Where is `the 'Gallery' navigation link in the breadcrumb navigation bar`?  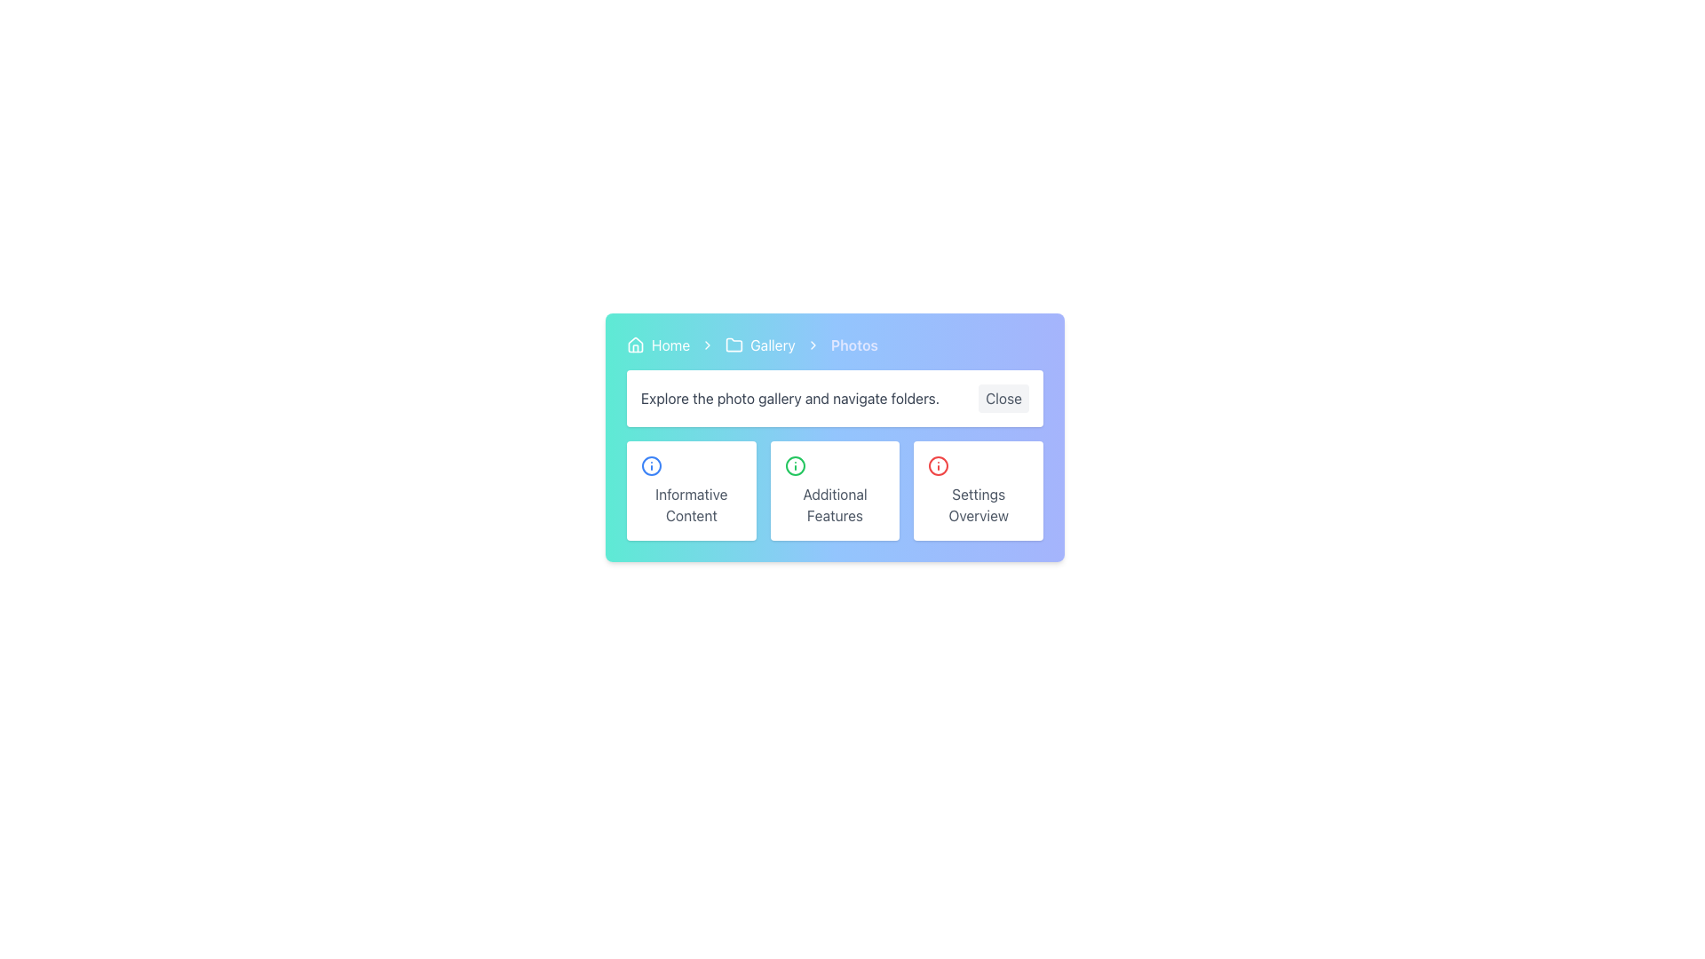 the 'Gallery' navigation link in the breadcrumb navigation bar is located at coordinates (760, 345).